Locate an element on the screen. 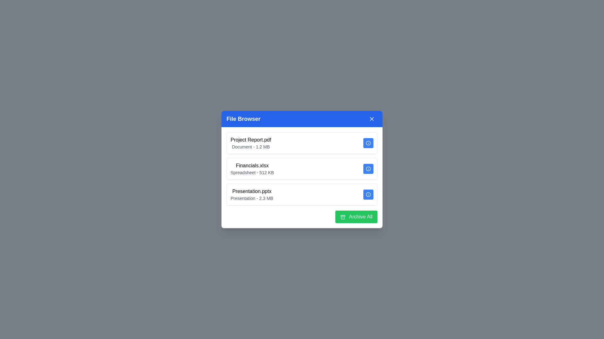 The width and height of the screenshot is (604, 339). 'info' button for the file named Presentation.pptx is located at coordinates (368, 194).